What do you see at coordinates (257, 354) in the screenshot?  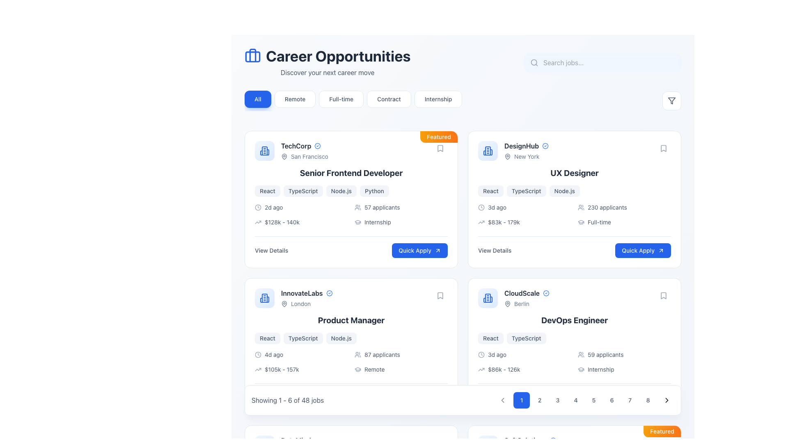 I see `the surrounding content of the circular SVG element representing a clock face located at the center of the job card for 'InnovateLabs'` at bounding box center [257, 354].